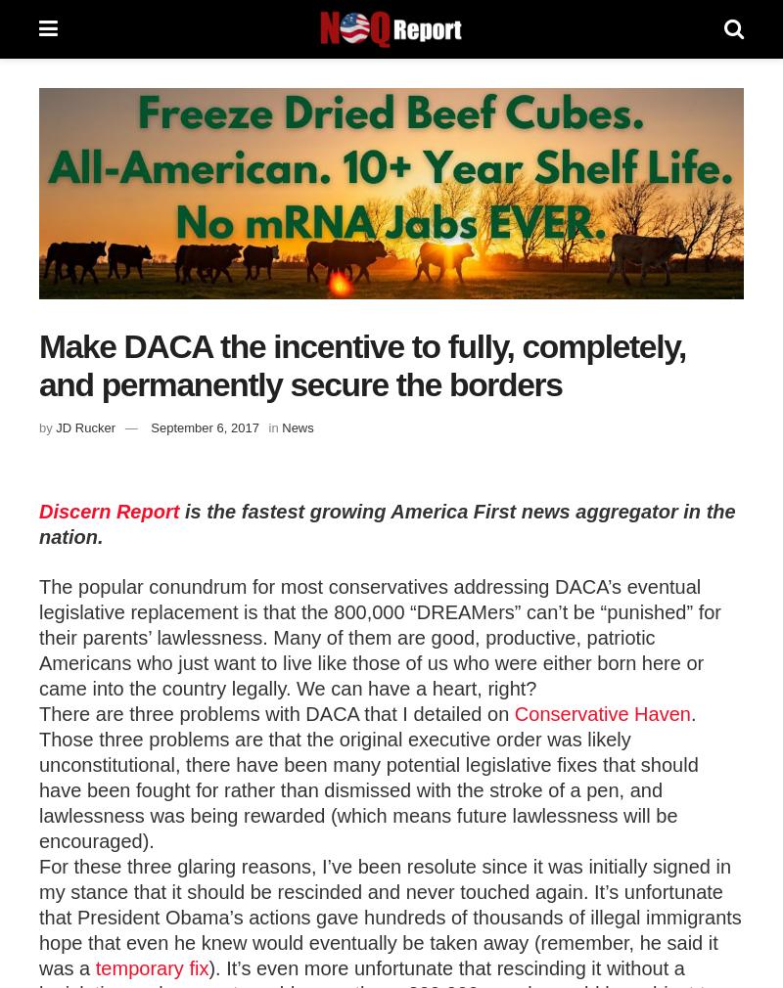 This screenshot has height=988, width=783. What do you see at coordinates (367, 777) in the screenshot?
I see `'. Those three problems are that the original executive order was likely unconstitutional, there have been many potential legislative fixes that should have been fought for rather than dismissed with the stroke of a pen, and lawlessness was being rewarded (which means future lawlessness will be encouraged).'` at bounding box center [367, 777].